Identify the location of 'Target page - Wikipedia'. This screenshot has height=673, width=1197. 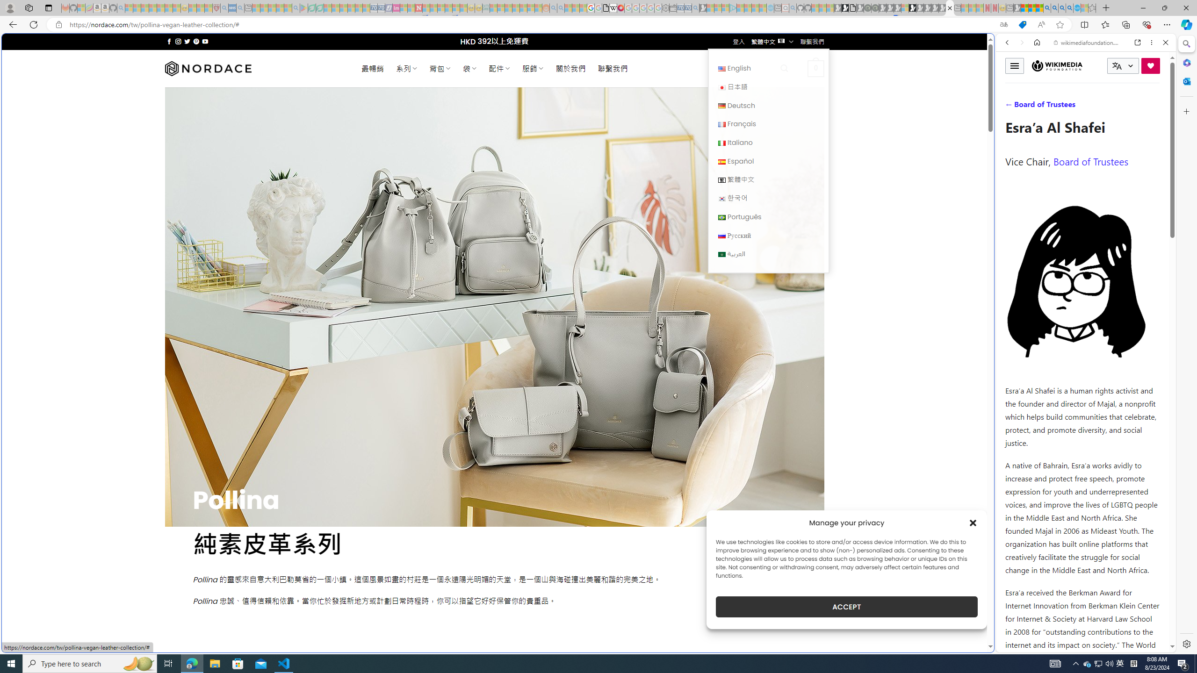
(613, 7).